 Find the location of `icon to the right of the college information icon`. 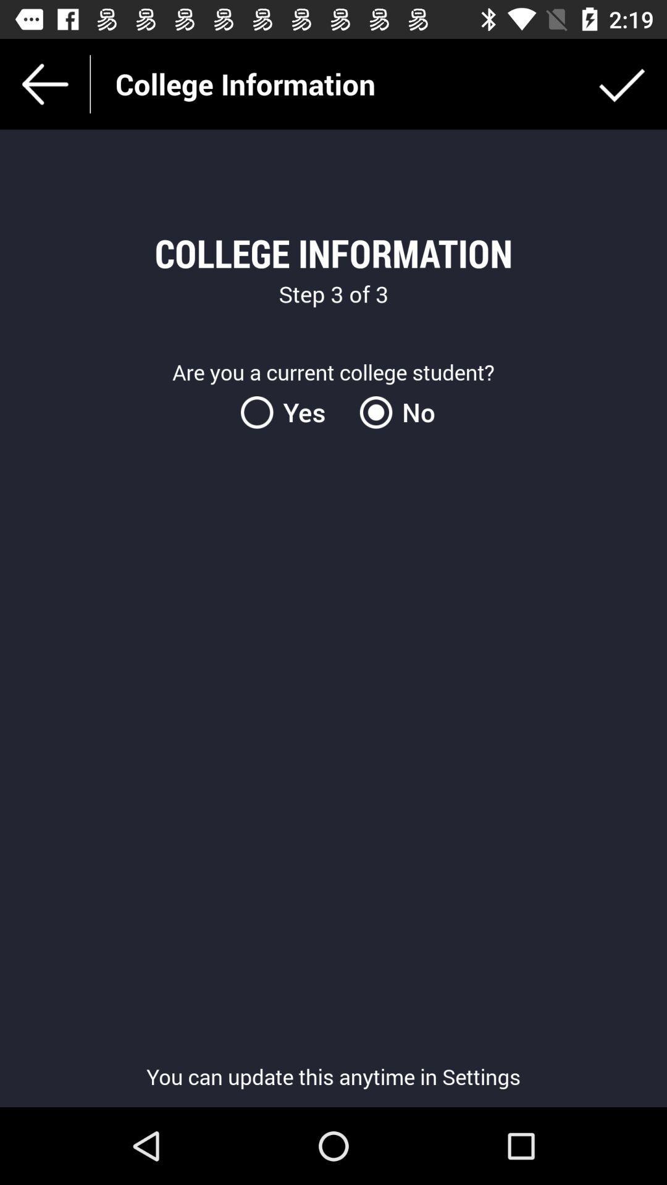

icon to the right of the college information icon is located at coordinates (621, 83).